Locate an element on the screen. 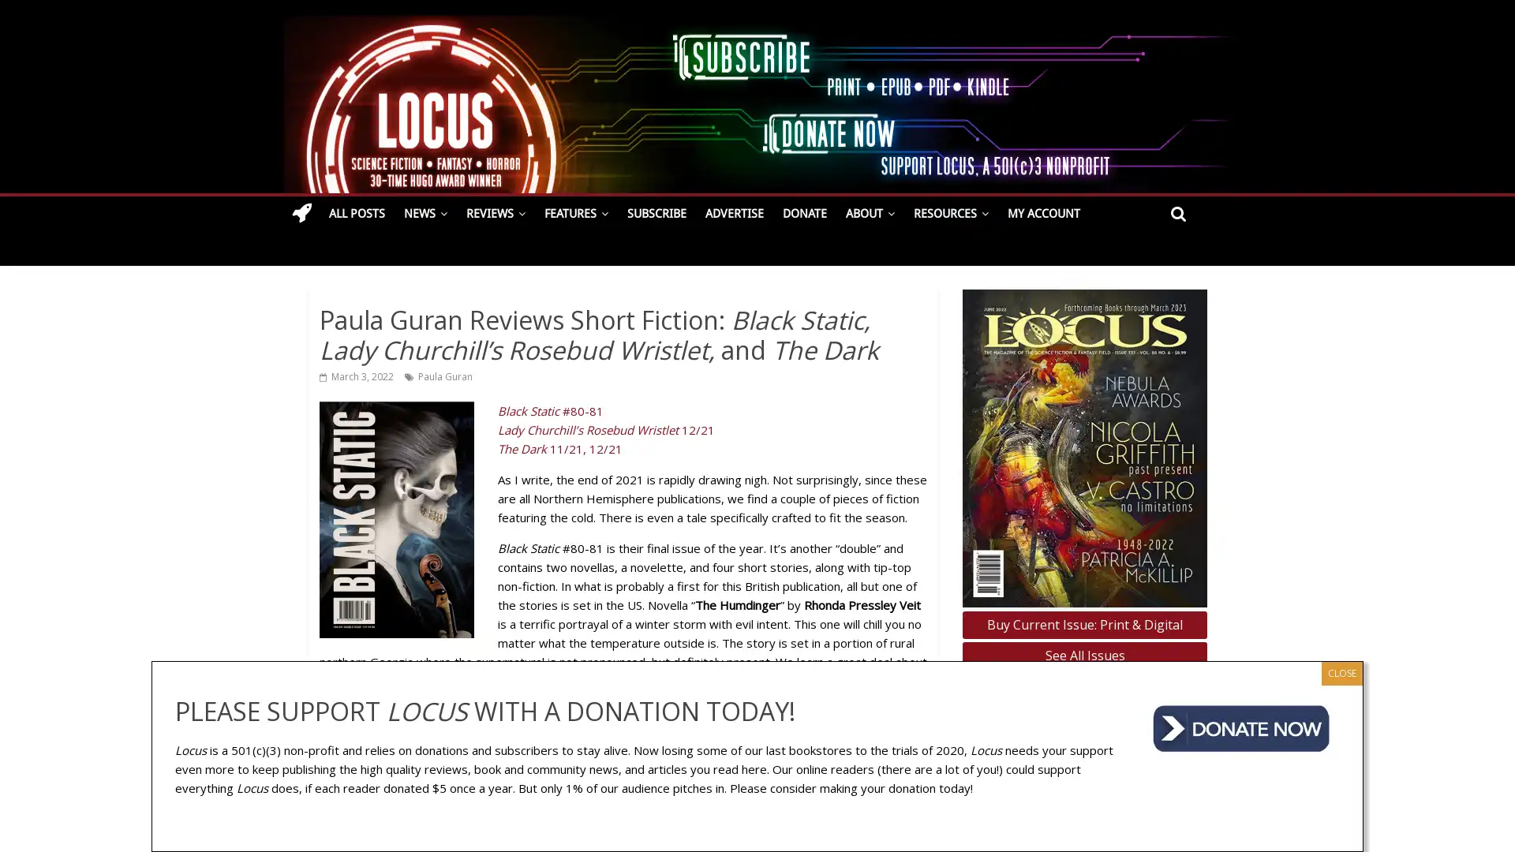 The height and width of the screenshot is (852, 1515). Buy Current Issue: Print & Digital is located at coordinates (1083, 623).